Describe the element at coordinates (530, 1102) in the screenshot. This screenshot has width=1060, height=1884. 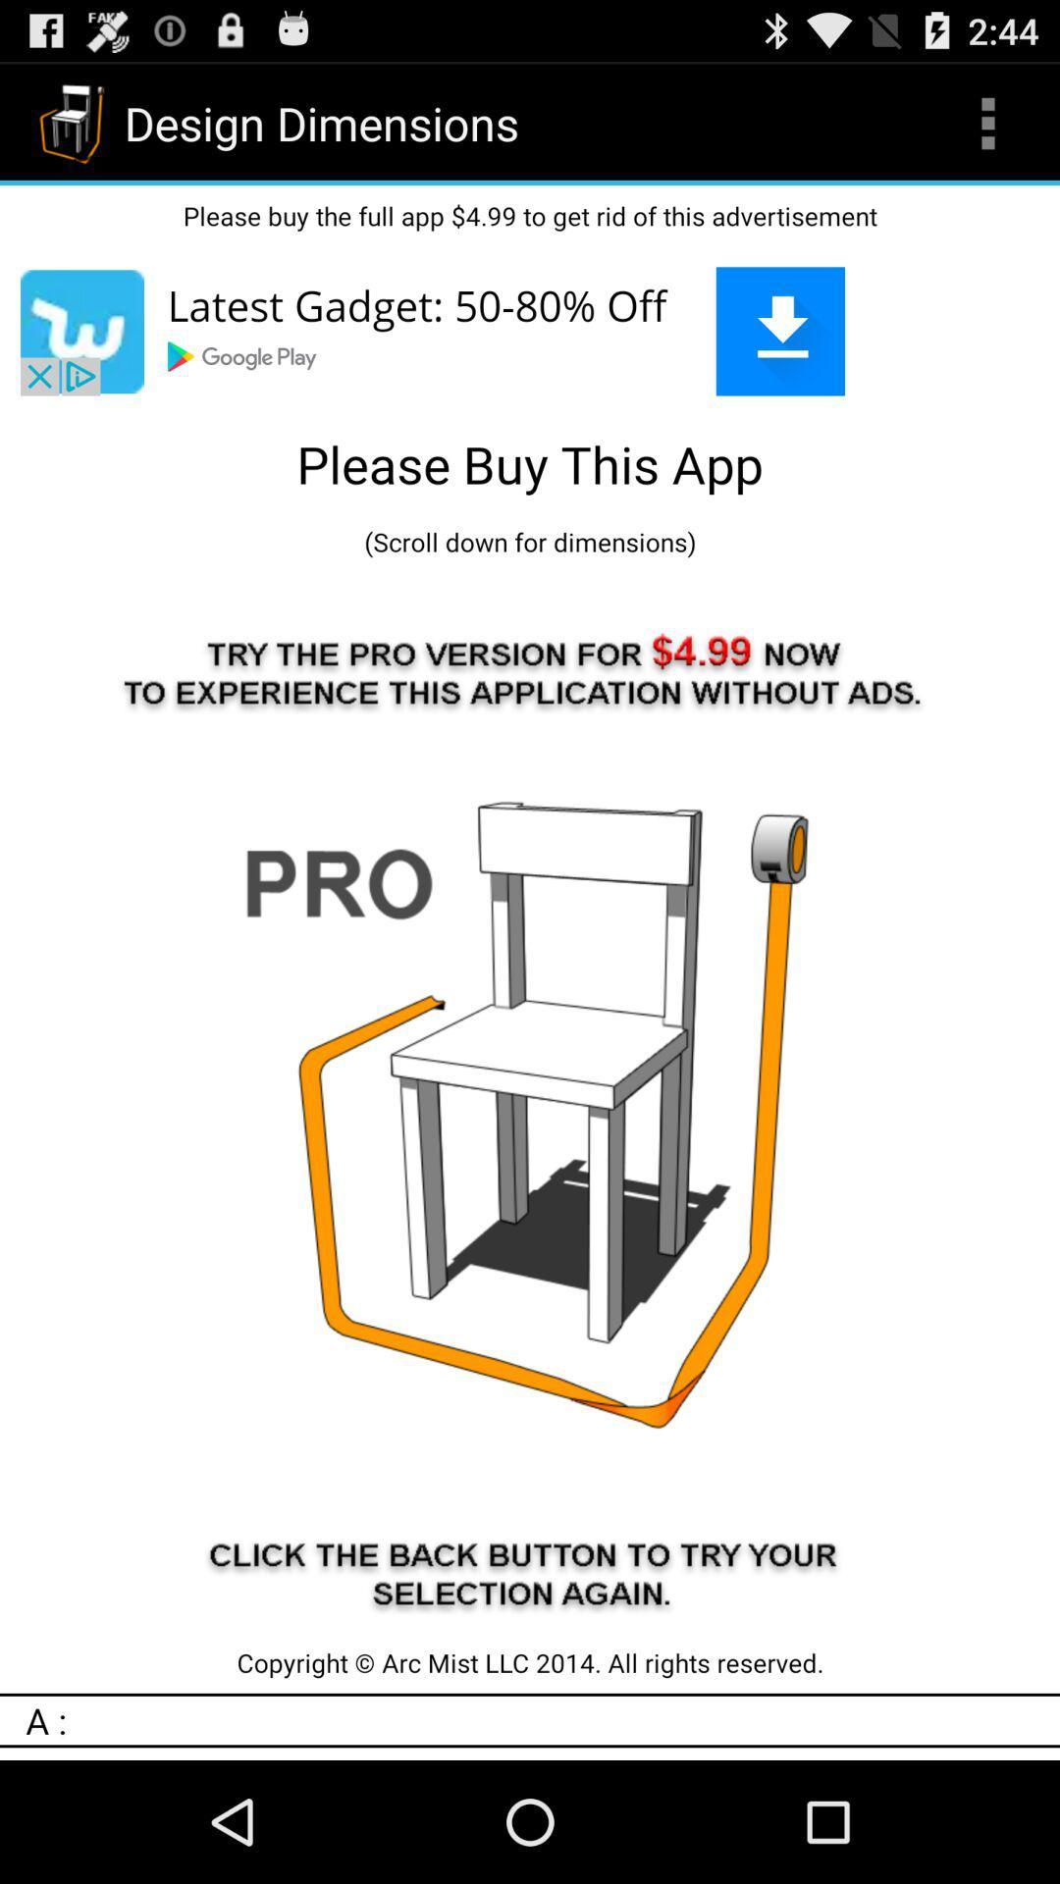
I see `the app above the copyright arc mist icon` at that location.